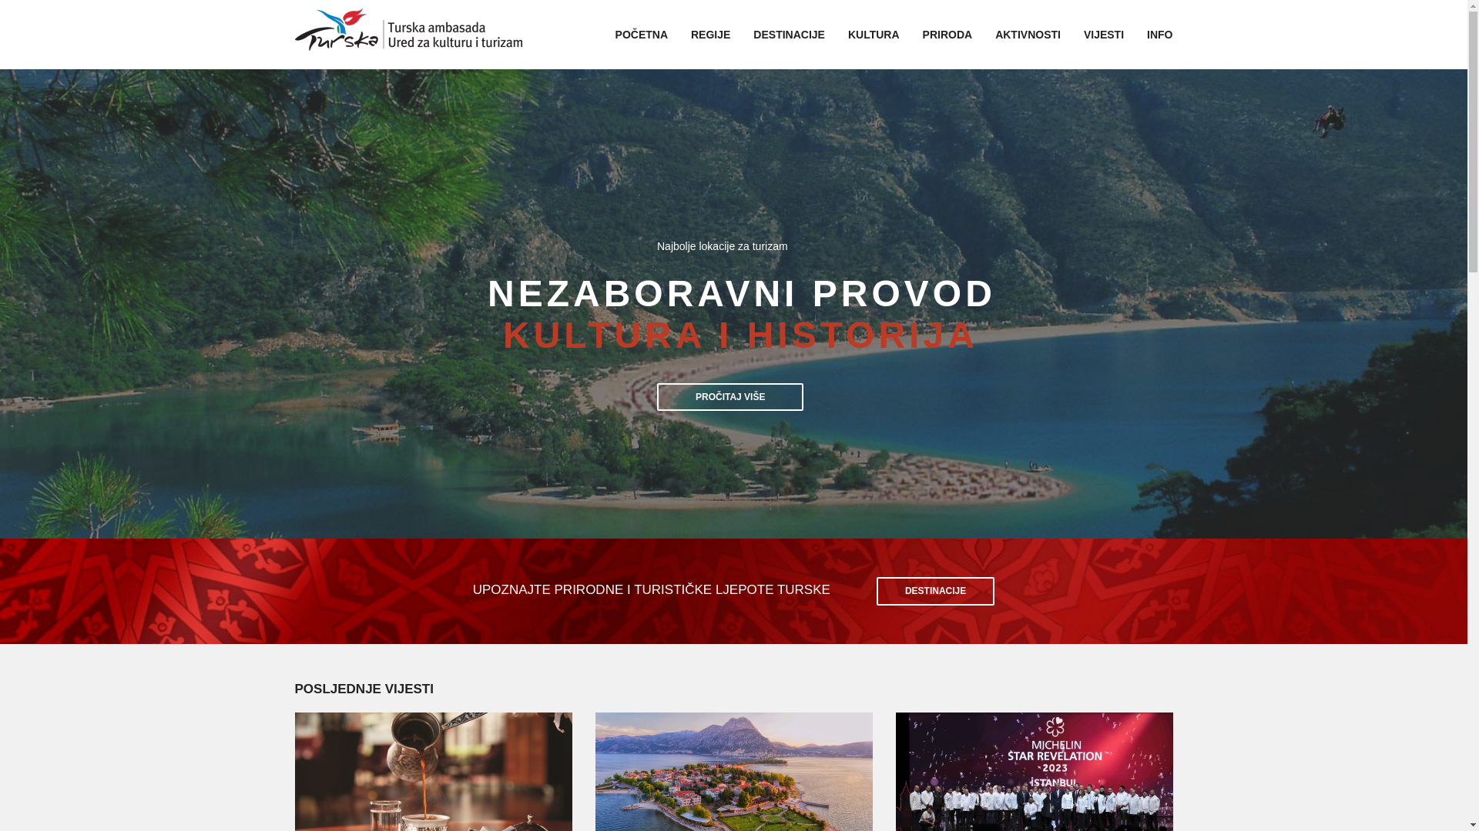  I want to click on 'KULTURA', so click(874, 35).